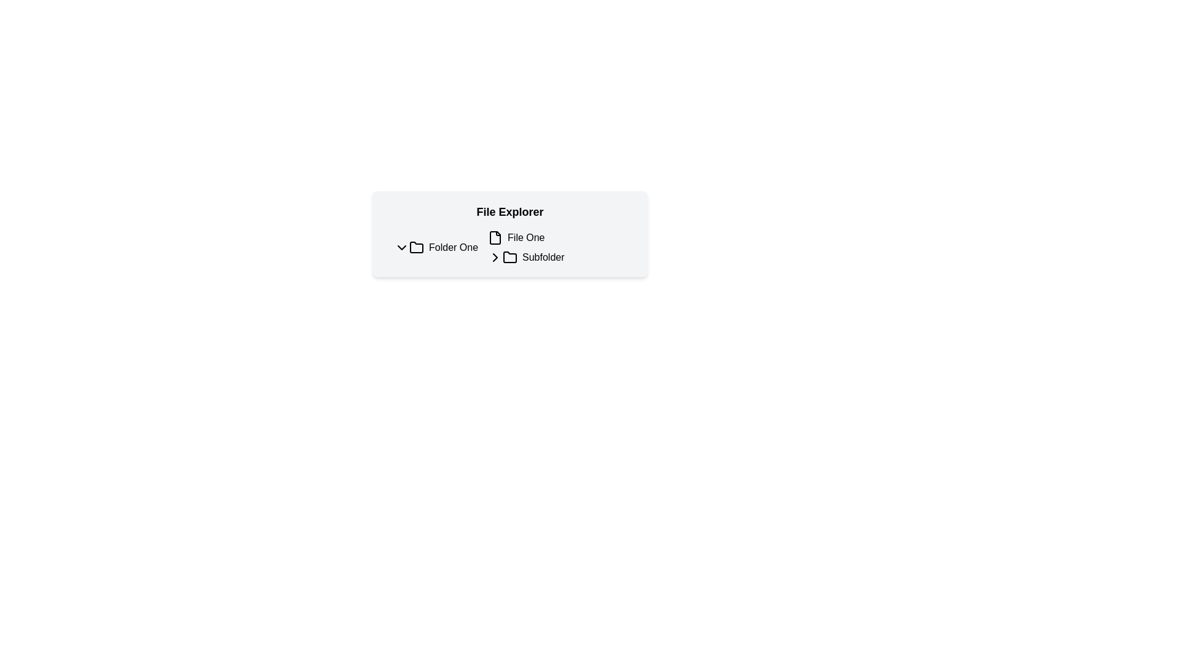 Image resolution: width=1180 pixels, height=664 pixels. I want to click on the black file icon located to the left of the label 'File One', so click(495, 237).